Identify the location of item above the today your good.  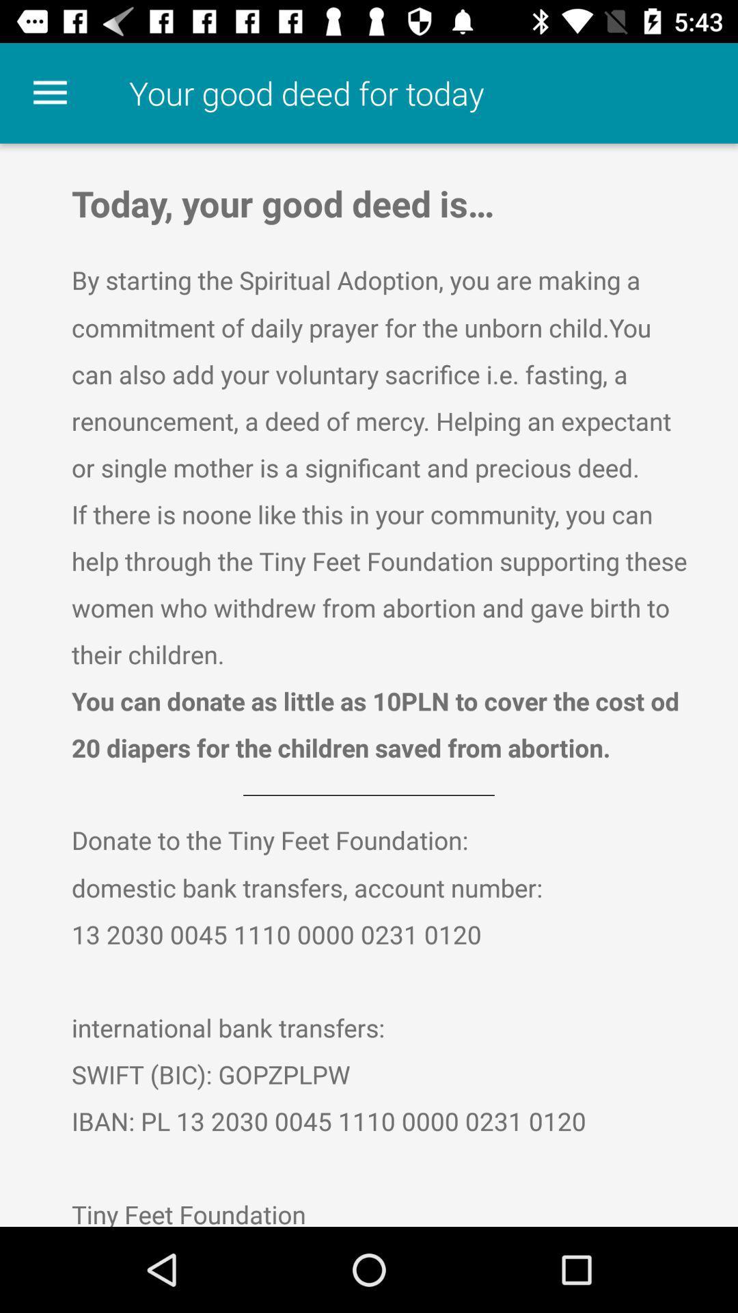
(49, 92).